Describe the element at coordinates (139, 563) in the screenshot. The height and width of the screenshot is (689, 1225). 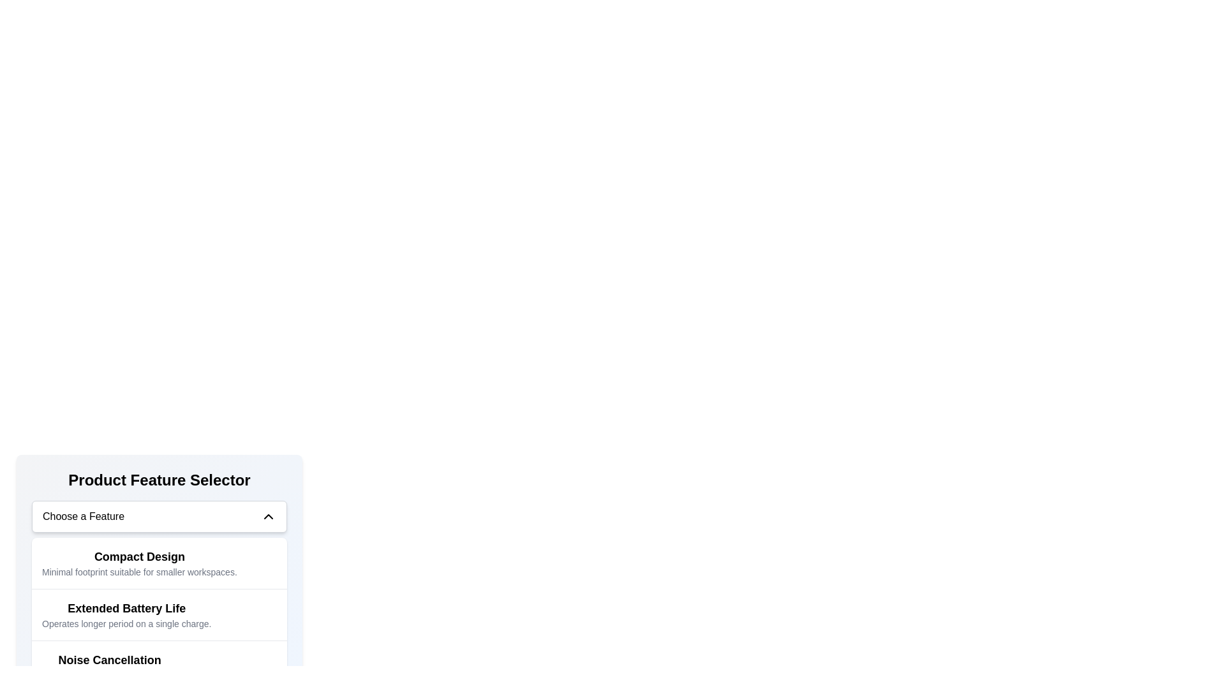
I see `the 'Compact Design' feature description in the feature selection menu` at that location.